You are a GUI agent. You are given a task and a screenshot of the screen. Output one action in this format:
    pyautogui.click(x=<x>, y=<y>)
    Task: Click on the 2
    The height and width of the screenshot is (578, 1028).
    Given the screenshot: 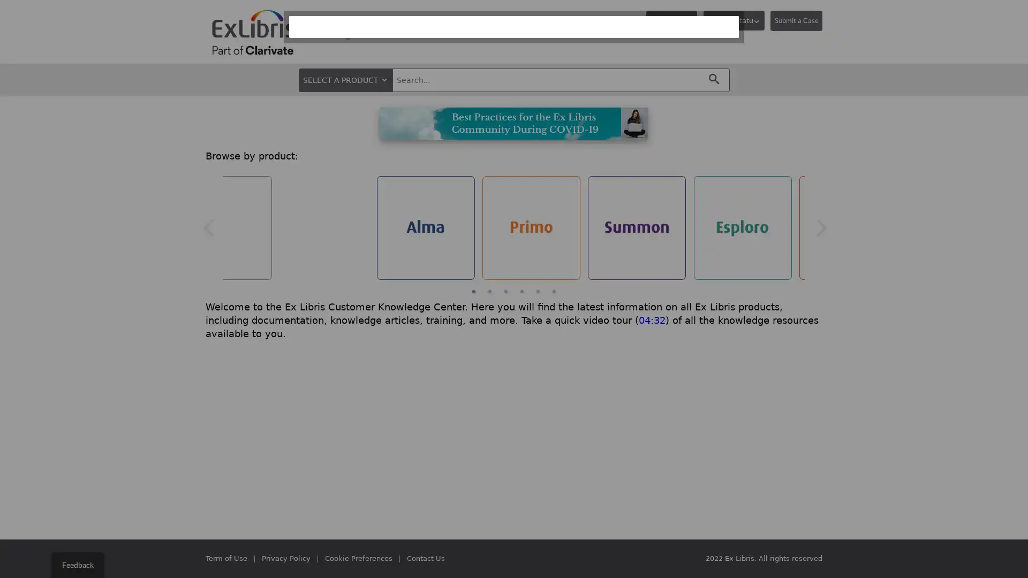 What is the action you would take?
    pyautogui.click(x=489, y=291)
    